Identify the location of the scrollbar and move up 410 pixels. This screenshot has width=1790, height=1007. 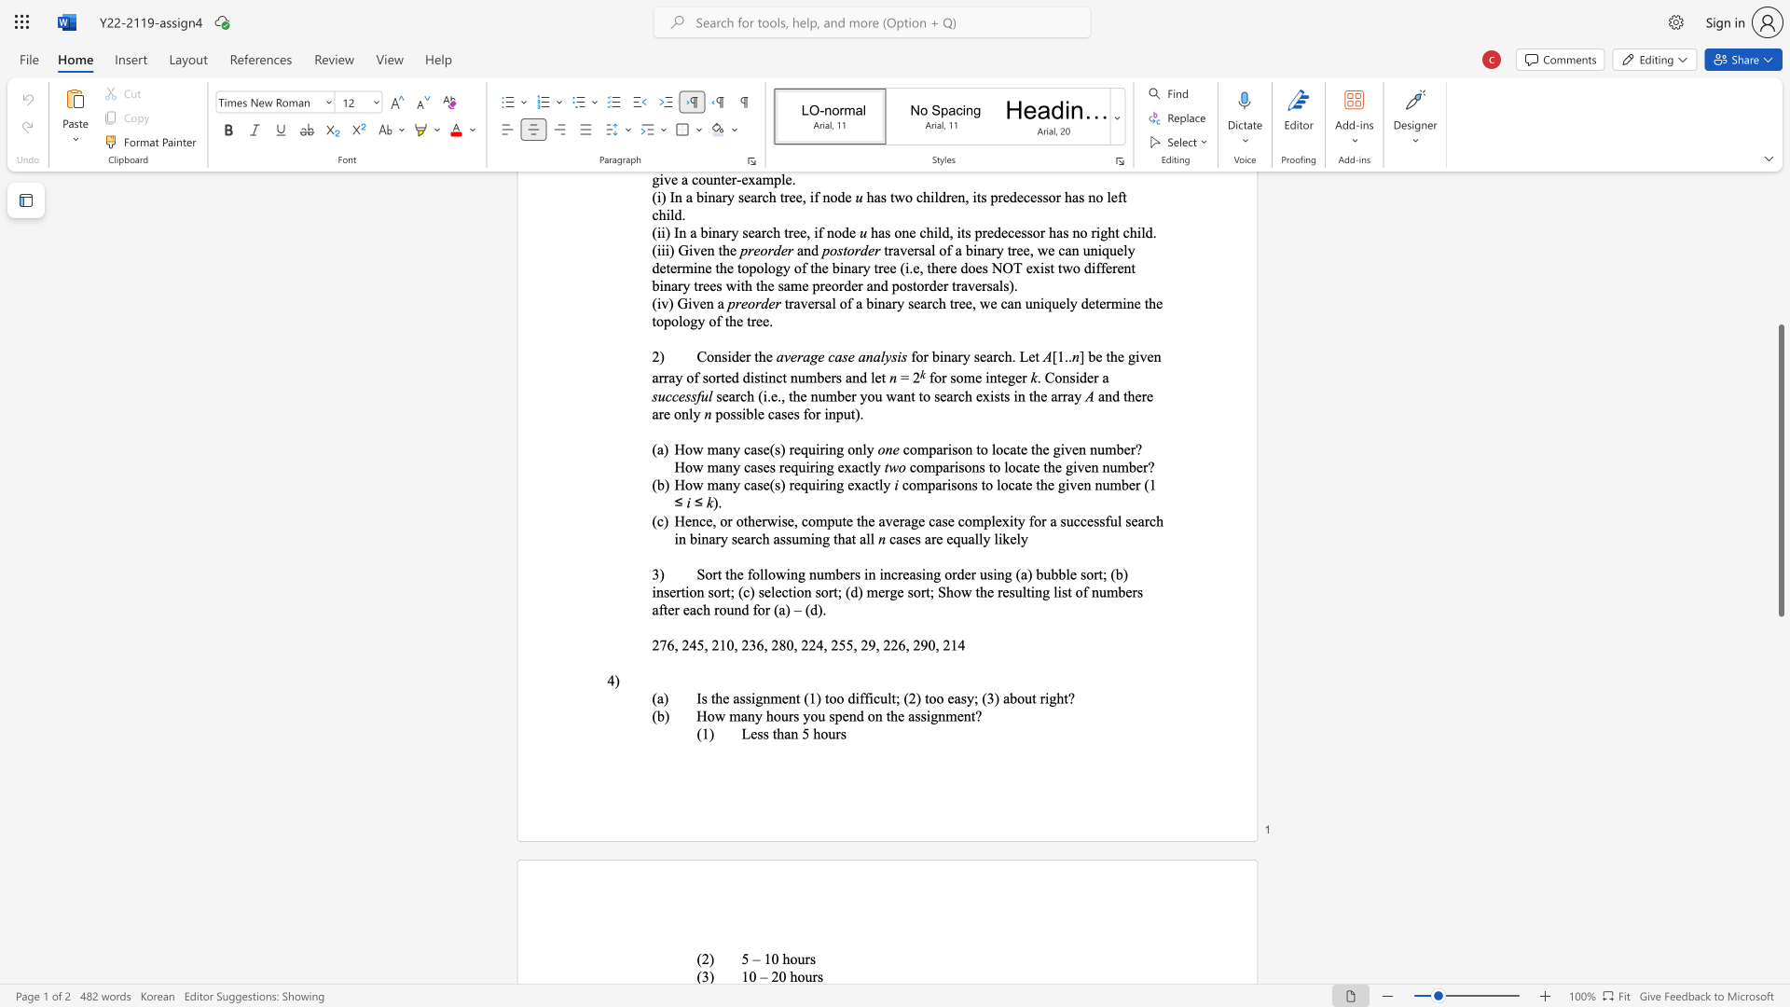
(1780, 470).